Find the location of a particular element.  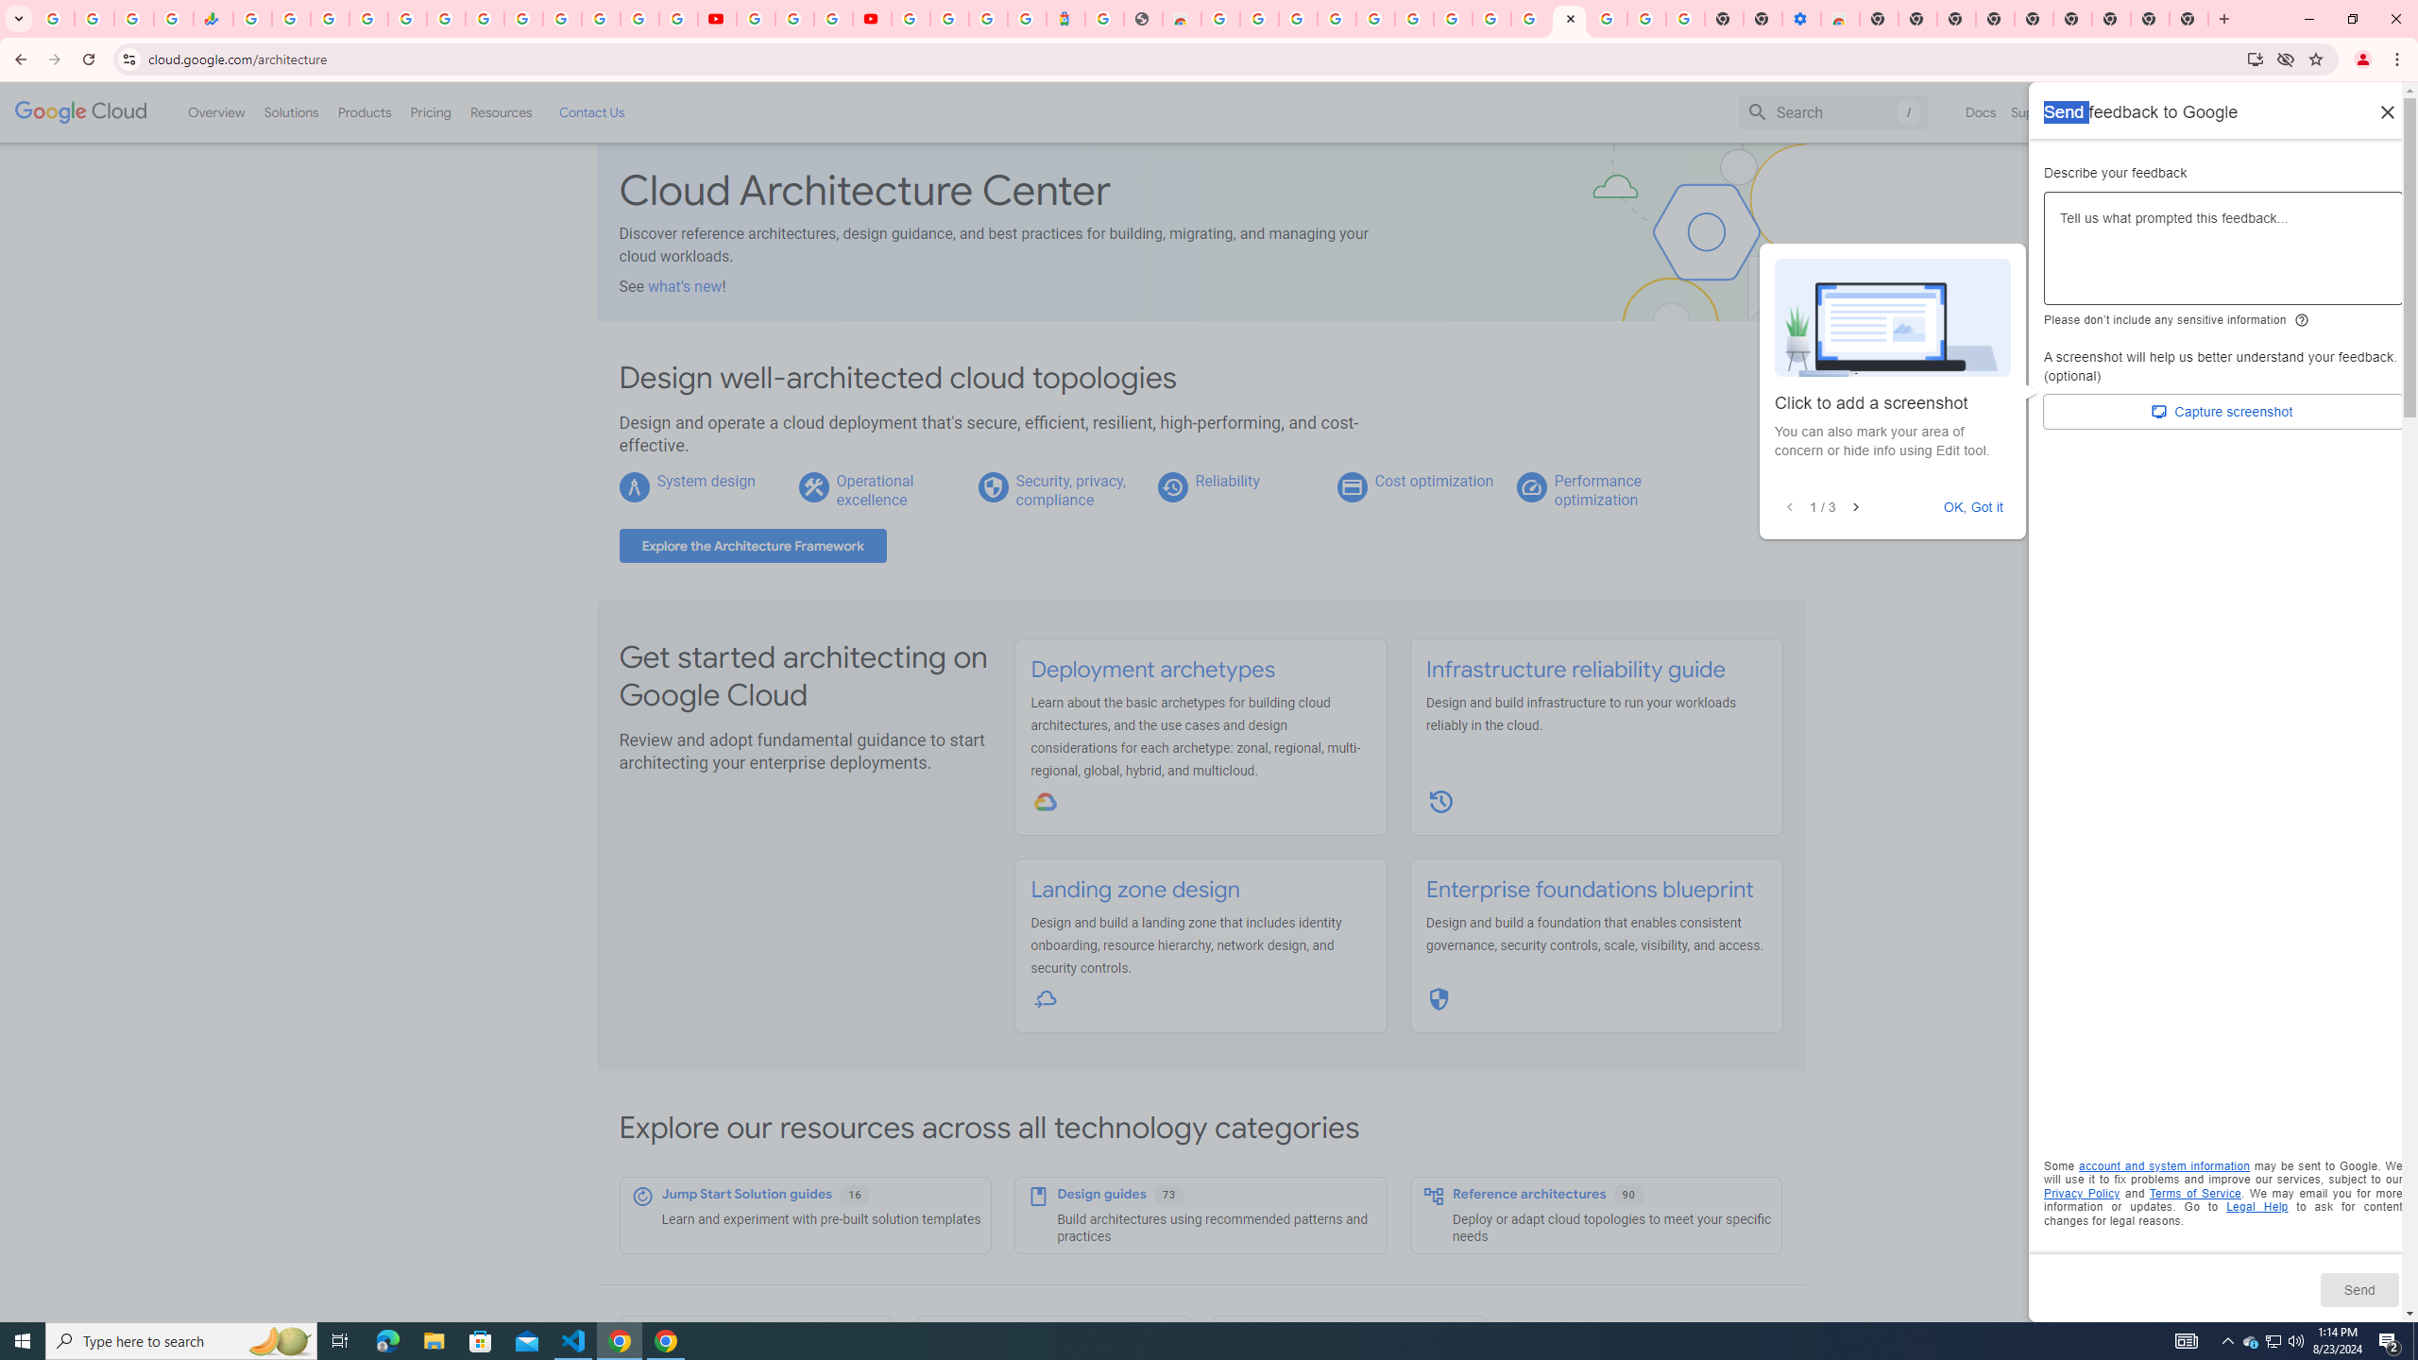

'Privacy Checkup' is located at coordinates (677, 18).